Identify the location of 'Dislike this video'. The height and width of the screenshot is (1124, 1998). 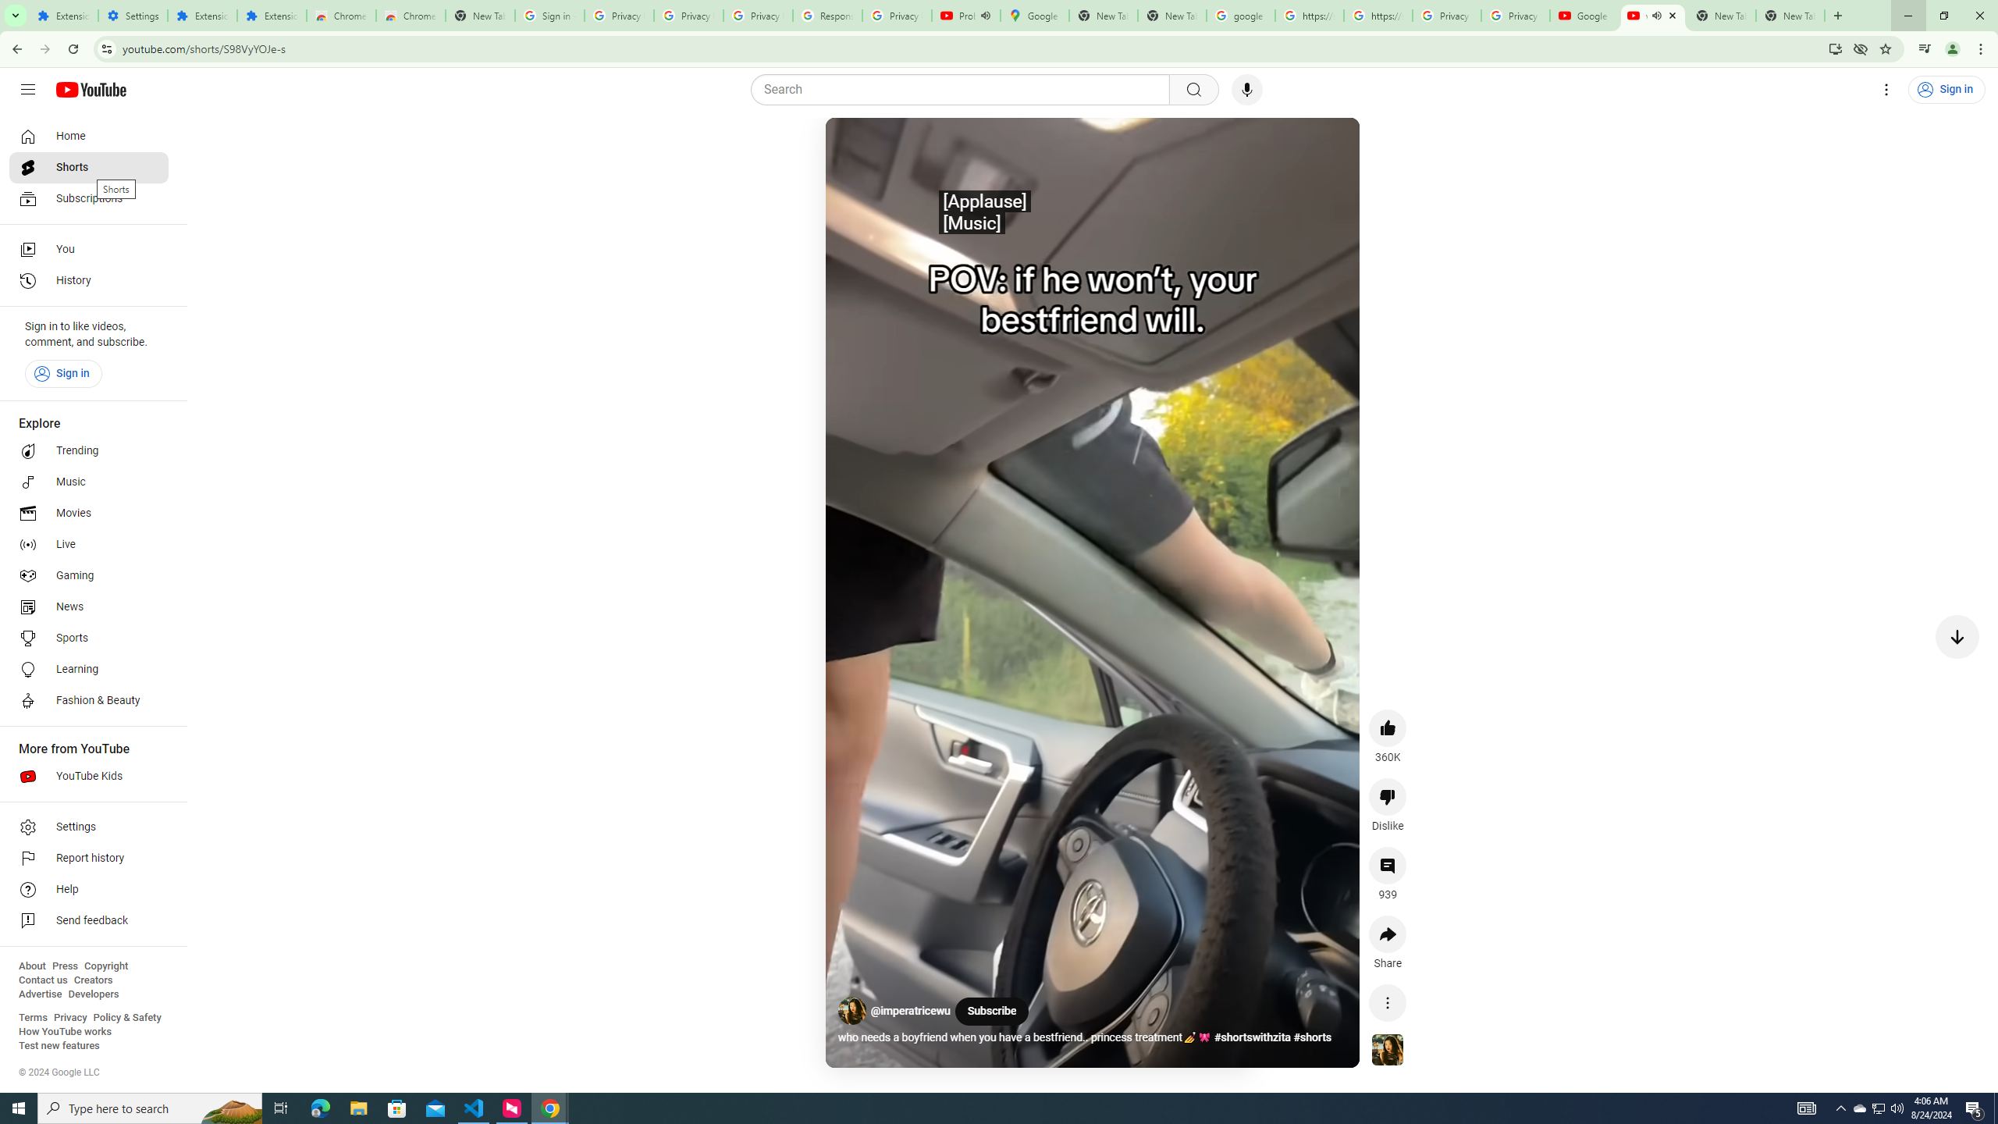
(1387, 795).